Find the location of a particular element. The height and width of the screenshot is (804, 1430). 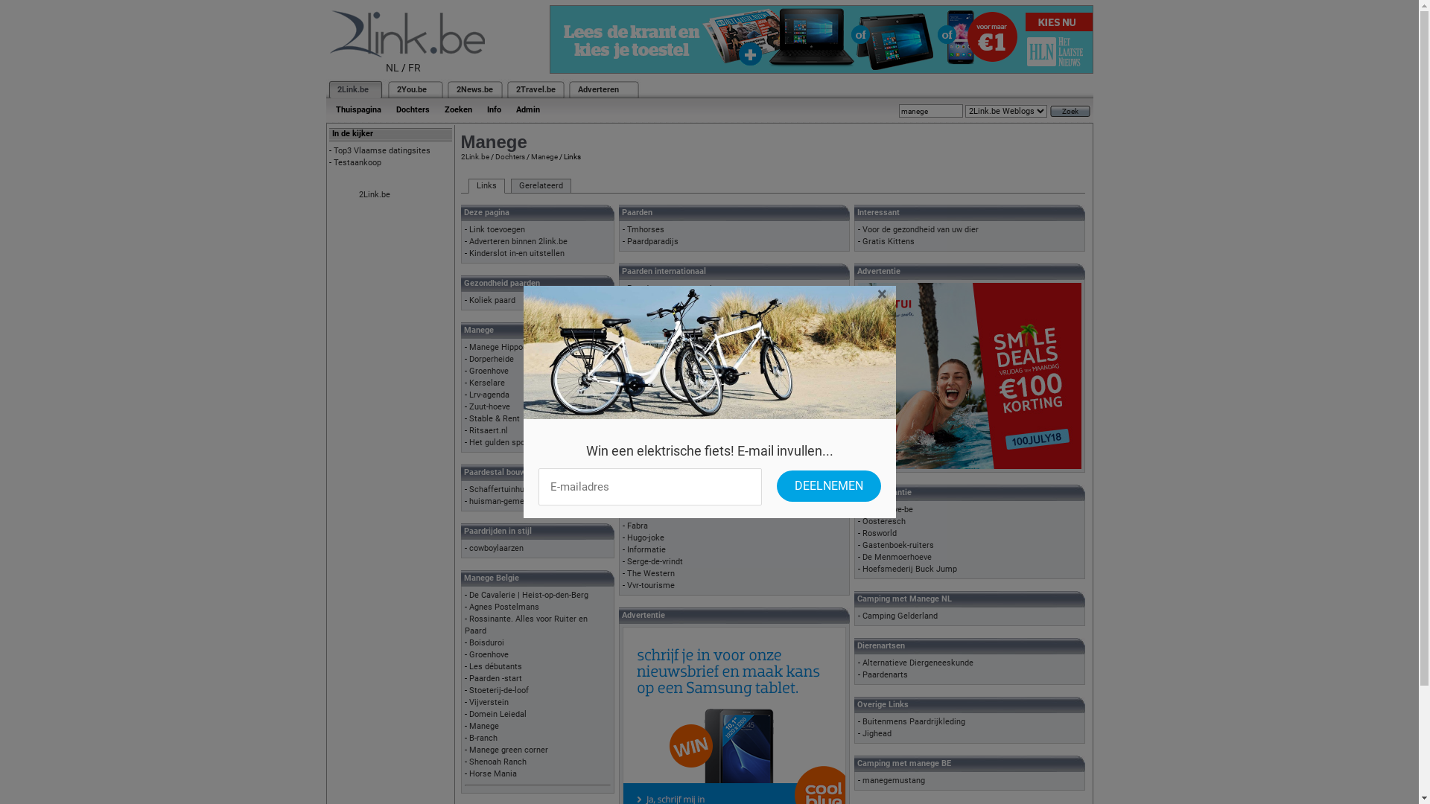

'Paarden -start' is located at coordinates (495, 678).